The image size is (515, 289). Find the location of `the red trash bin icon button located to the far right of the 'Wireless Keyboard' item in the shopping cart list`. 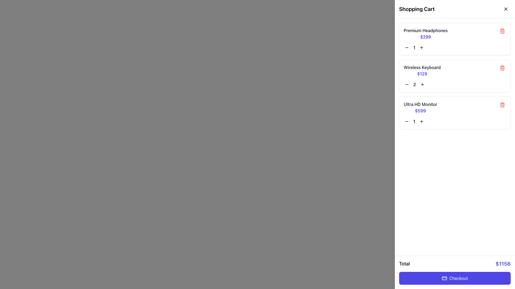

the red trash bin icon button located to the far right of the 'Wireless Keyboard' item in the shopping cart list is located at coordinates (502, 68).